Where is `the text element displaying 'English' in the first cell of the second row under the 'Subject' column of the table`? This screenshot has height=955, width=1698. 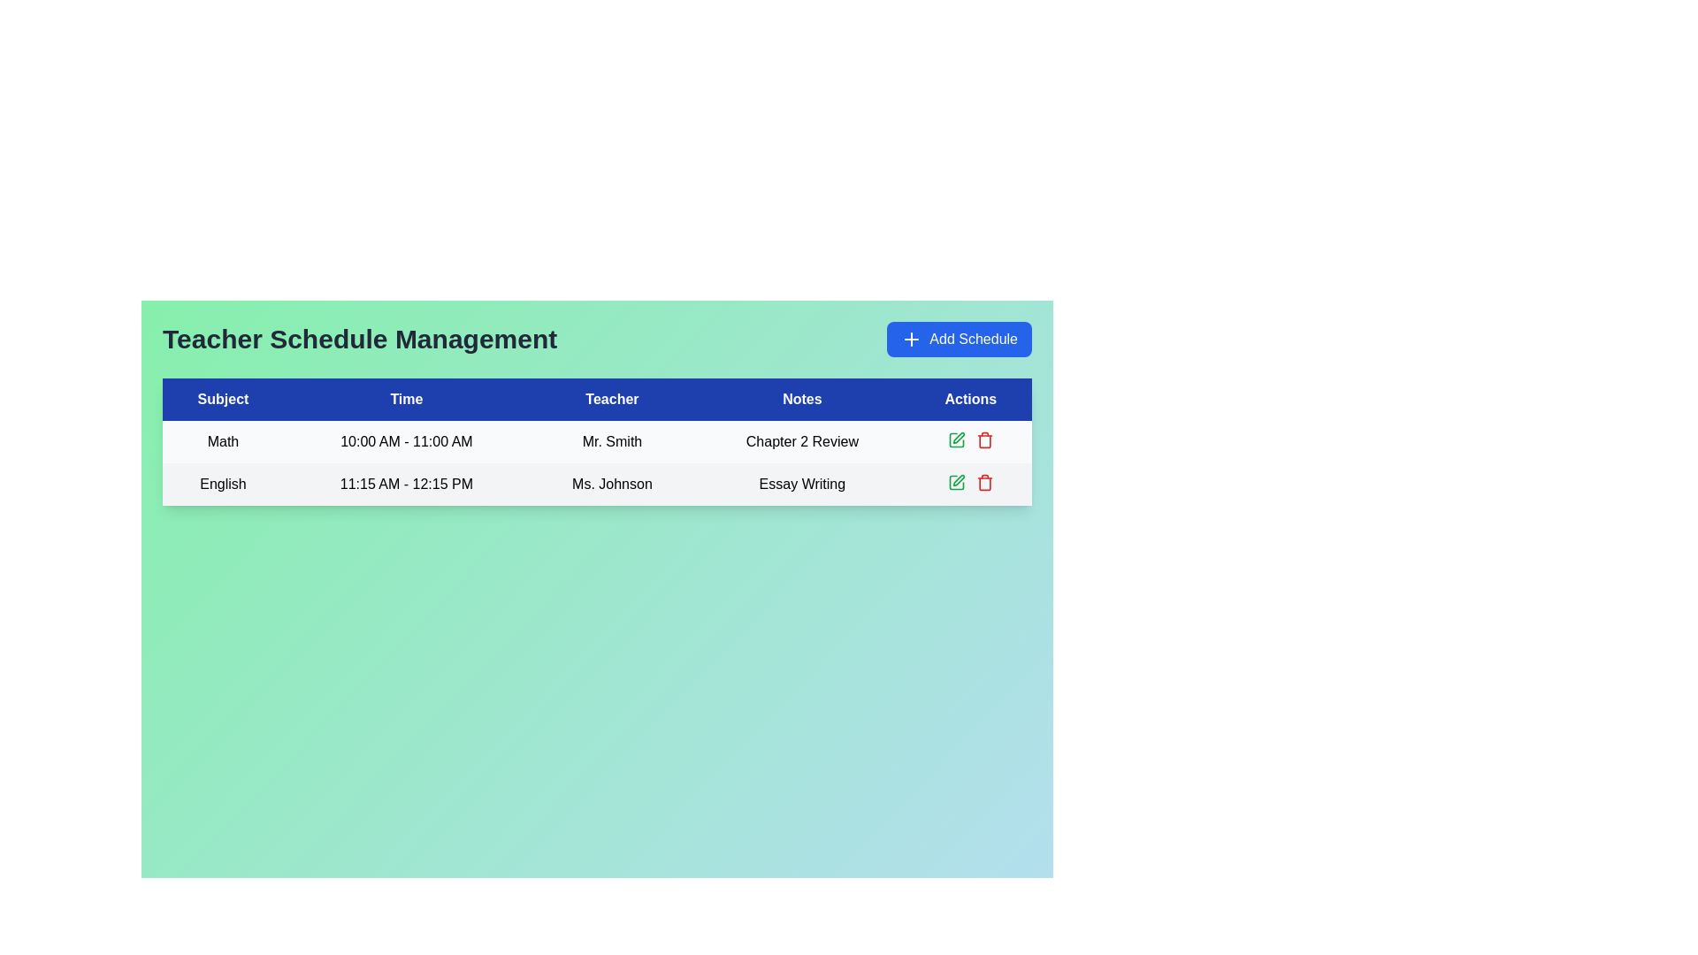
the text element displaying 'English' in the first cell of the second row under the 'Subject' column of the table is located at coordinates (222, 484).